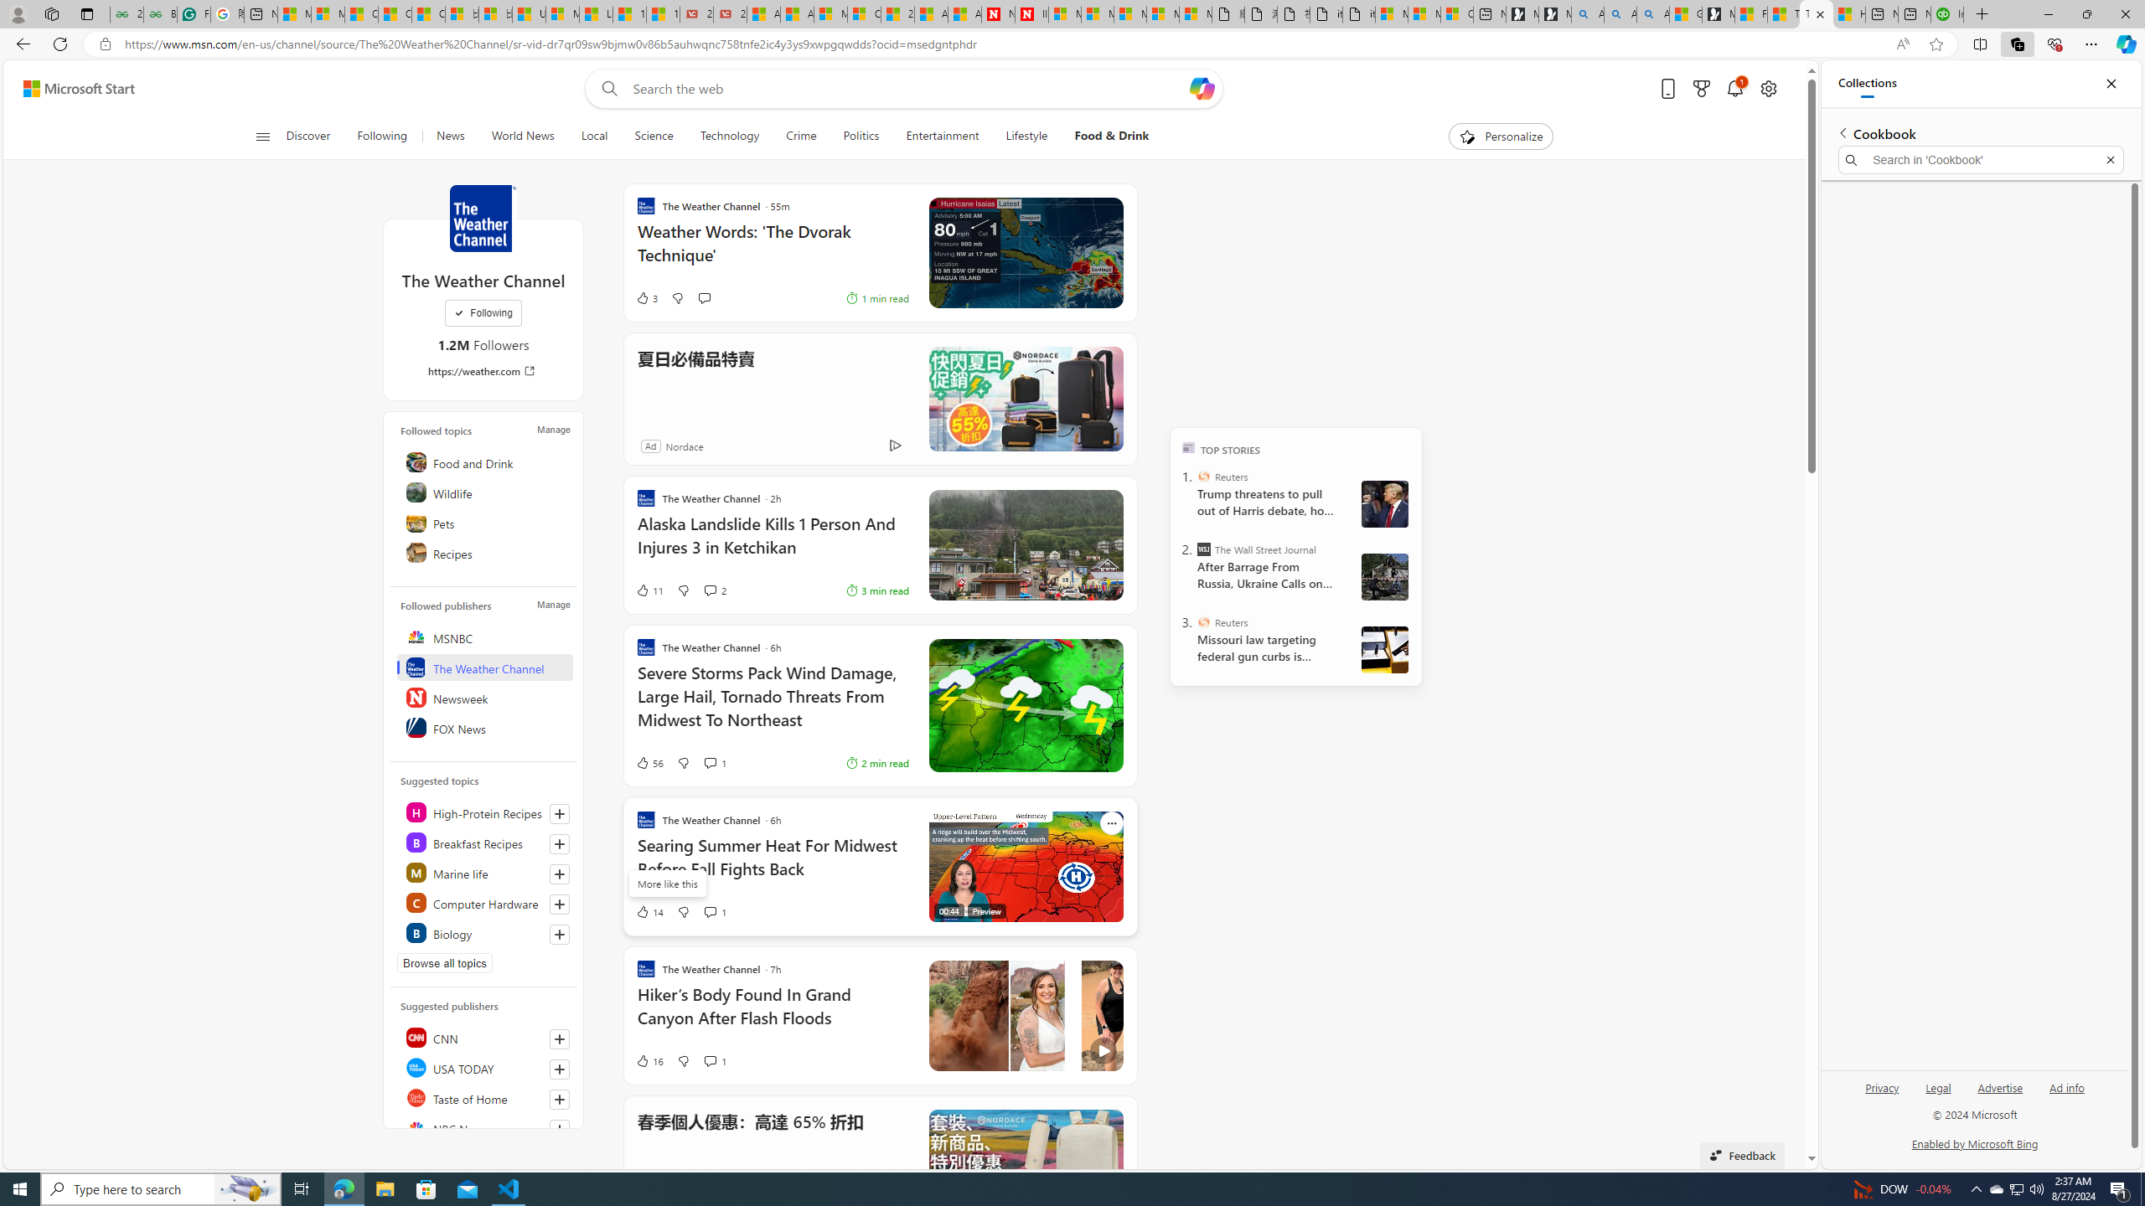 This screenshot has height=1206, width=2145. What do you see at coordinates (484, 1128) in the screenshot?
I see `'NBC News'` at bounding box center [484, 1128].